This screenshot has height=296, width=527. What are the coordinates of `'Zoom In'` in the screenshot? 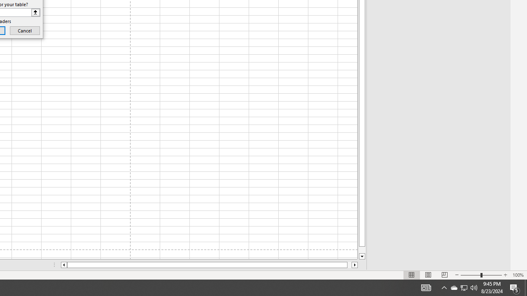 It's located at (505, 275).